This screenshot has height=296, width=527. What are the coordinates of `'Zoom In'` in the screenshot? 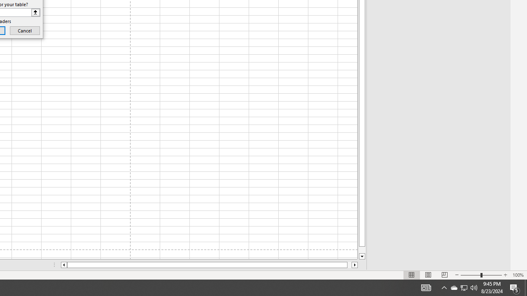 It's located at (505, 275).